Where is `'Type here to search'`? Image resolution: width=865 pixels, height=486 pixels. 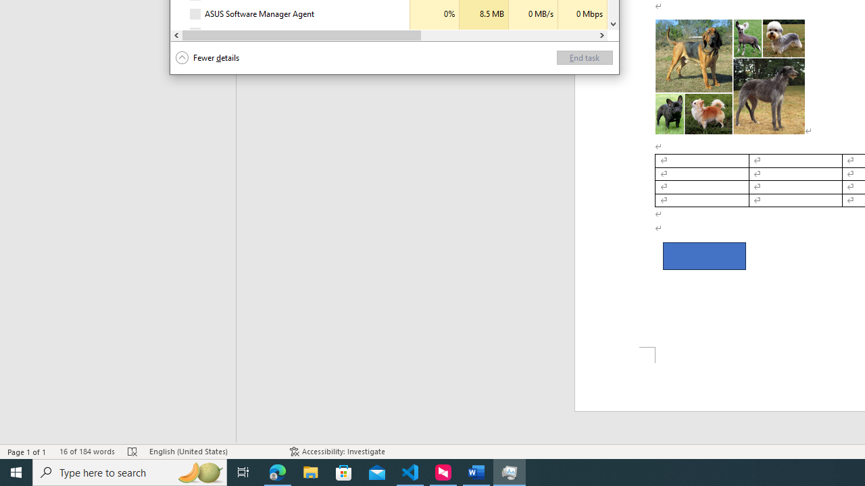
'Type here to search' is located at coordinates (130, 471).